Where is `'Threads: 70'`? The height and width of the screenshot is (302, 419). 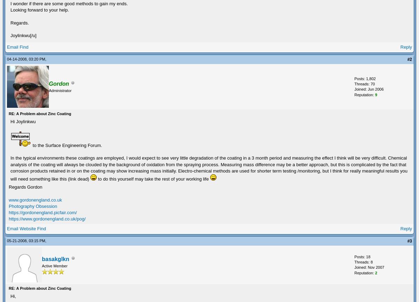 'Threads: 70' is located at coordinates (354, 83).